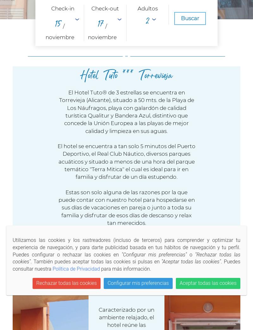 This screenshot has height=330, width=253. I want to click on 'Estas son solo alguna de las razones por la que puede contar con nuestro hotel para hospedarse en sus días de vacaciones en pareja o junto a toda su familia y disfrutar de esos días de descanso y relax tan merecidos.', so click(126, 207).